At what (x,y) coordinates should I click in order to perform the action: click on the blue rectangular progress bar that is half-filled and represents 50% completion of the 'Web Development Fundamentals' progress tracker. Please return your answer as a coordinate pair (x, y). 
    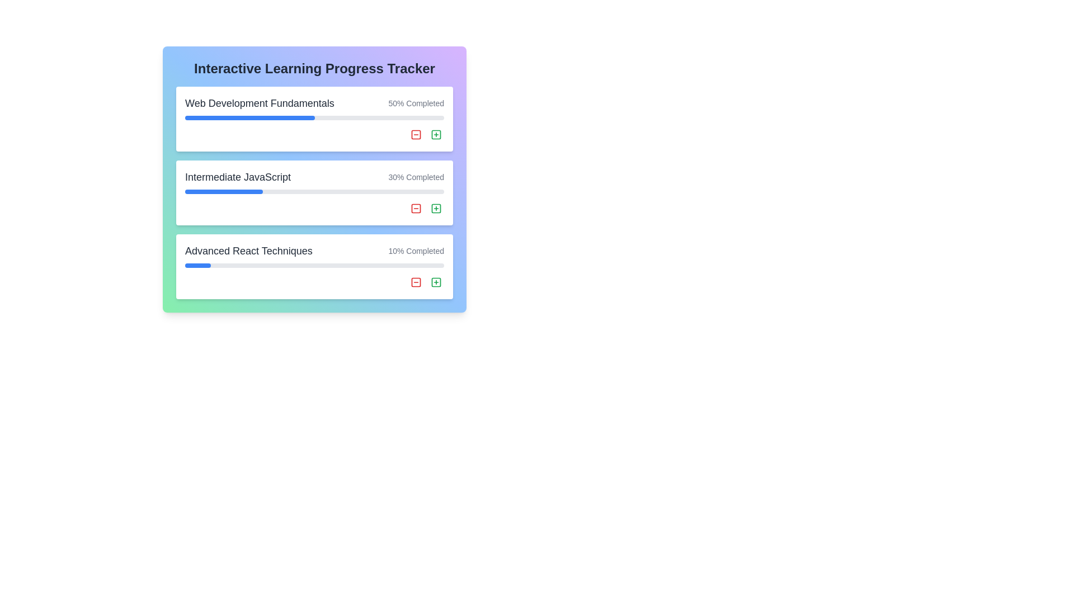
    Looking at the image, I should click on (249, 118).